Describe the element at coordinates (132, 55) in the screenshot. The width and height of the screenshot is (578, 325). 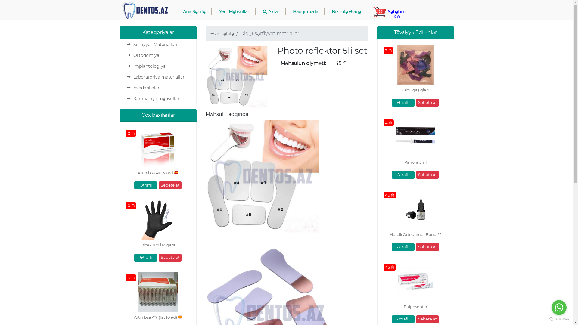
I see `'Ortodontiya'` at that location.